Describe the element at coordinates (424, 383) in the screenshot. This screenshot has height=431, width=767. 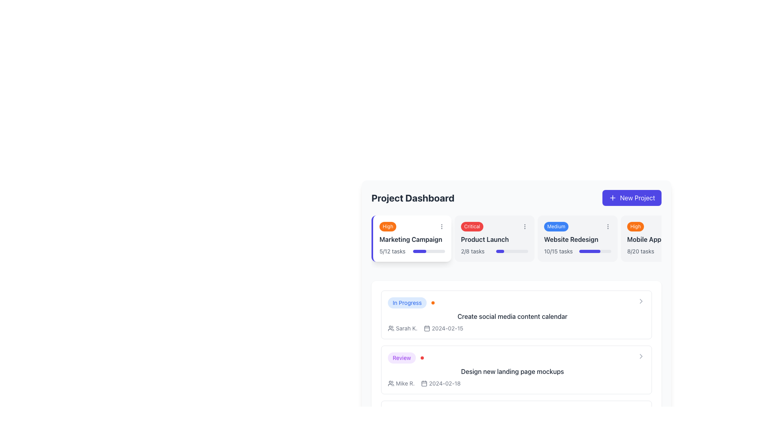
I see `the main rectangular area of the calendar icon that represents date or schedule information, positioned next to the date text under a user name` at that location.